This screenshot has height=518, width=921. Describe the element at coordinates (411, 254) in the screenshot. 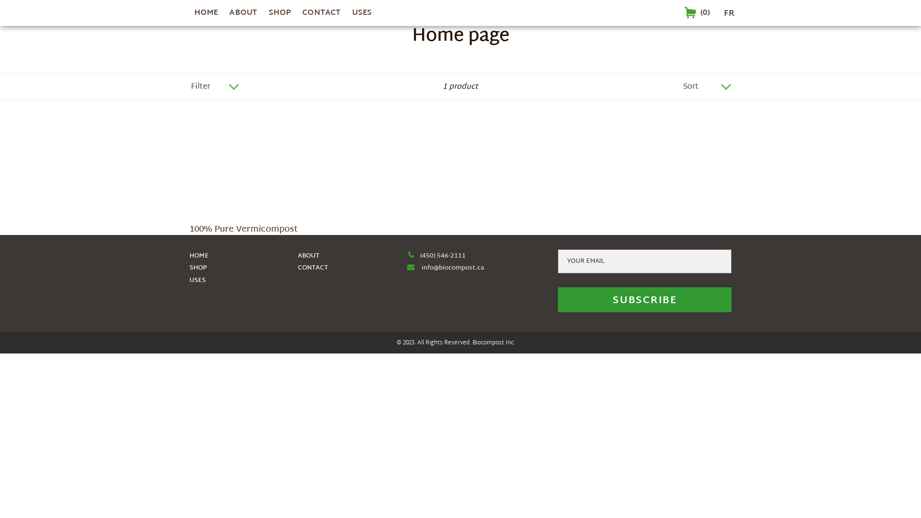

I see `'fa-phone'` at that location.